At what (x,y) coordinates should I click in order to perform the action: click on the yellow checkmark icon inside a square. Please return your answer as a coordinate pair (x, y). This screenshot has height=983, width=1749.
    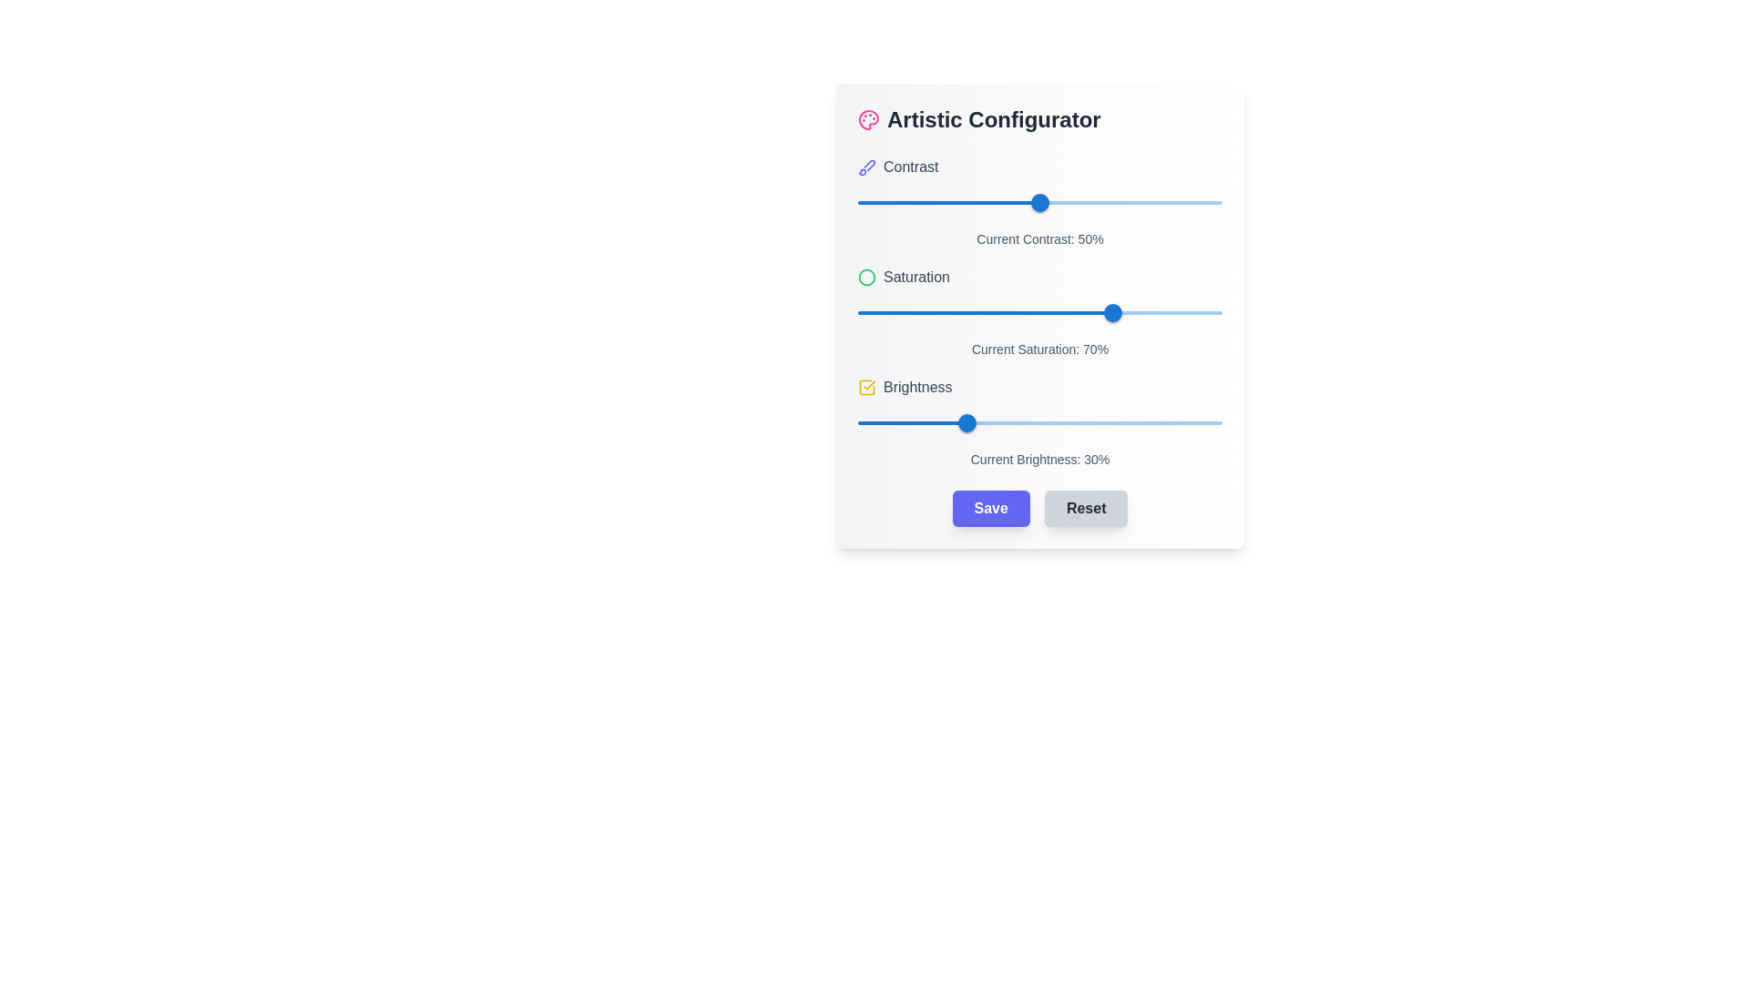
    Looking at the image, I should click on (865, 386).